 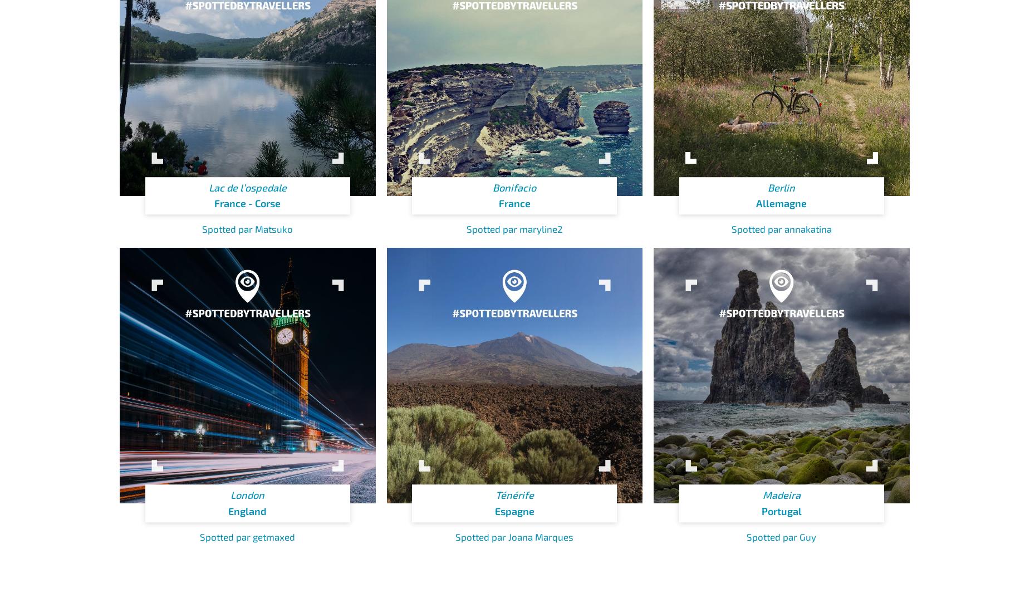 What do you see at coordinates (781, 186) in the screenshot?
I see `'Berlin'` at bounding box center [781, 186].